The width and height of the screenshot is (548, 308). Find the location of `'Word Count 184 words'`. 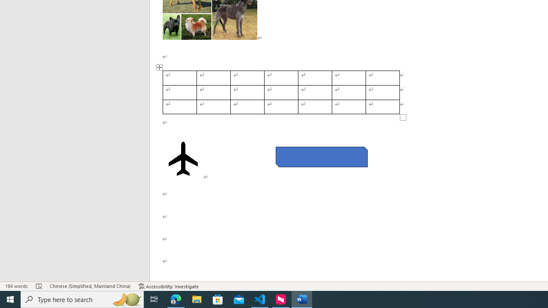

'Word Count 184 words' is located at coordinates (16, 286).